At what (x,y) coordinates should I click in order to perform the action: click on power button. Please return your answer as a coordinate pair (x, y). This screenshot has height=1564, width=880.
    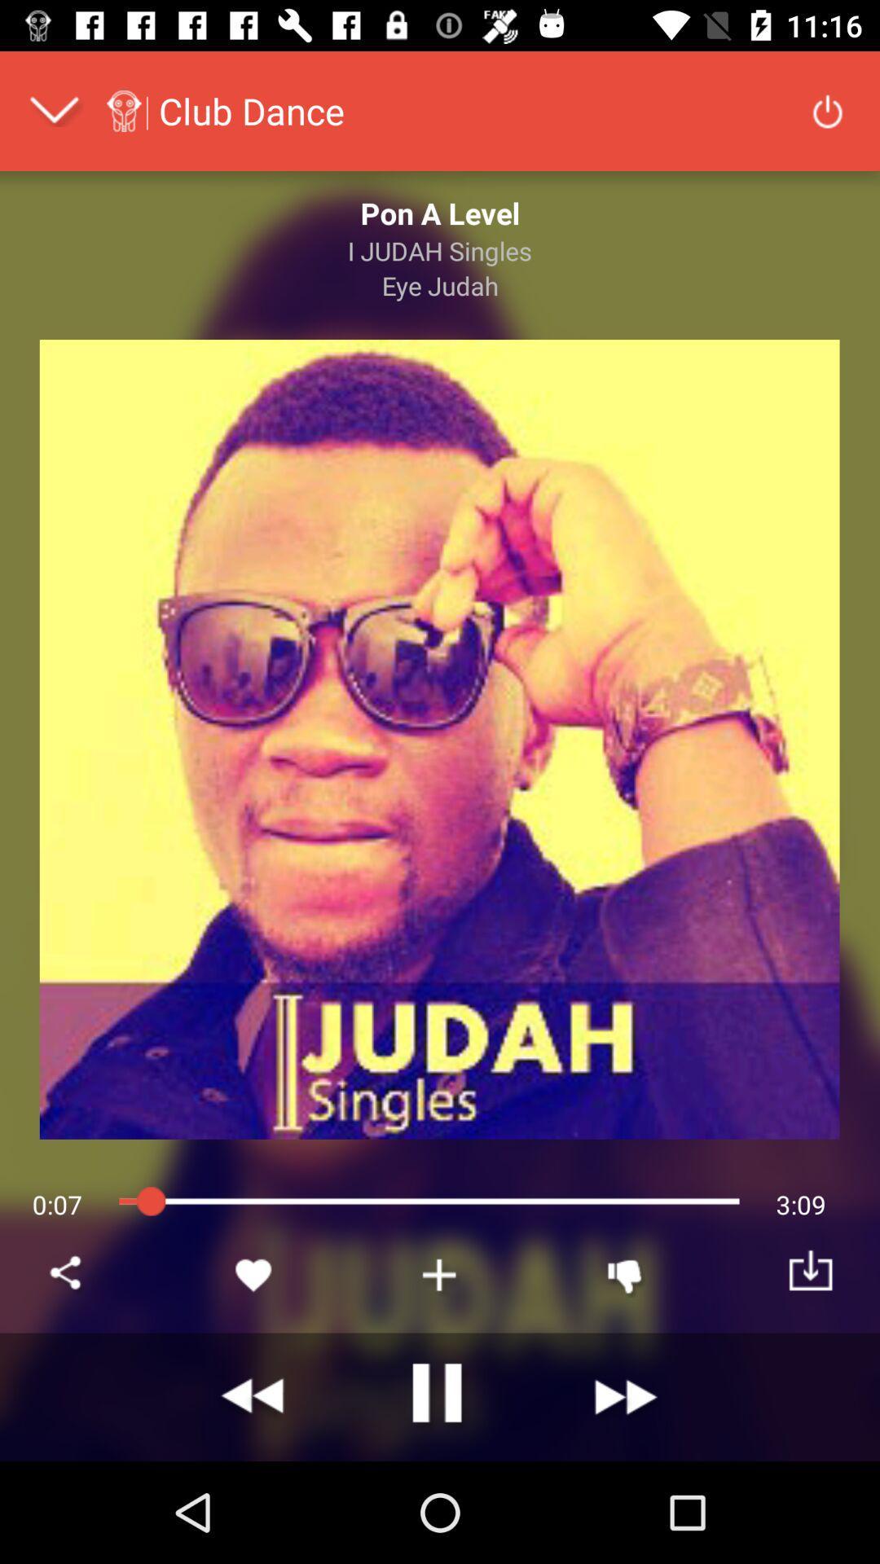
    Looking at the image, I should click on (827, 109).